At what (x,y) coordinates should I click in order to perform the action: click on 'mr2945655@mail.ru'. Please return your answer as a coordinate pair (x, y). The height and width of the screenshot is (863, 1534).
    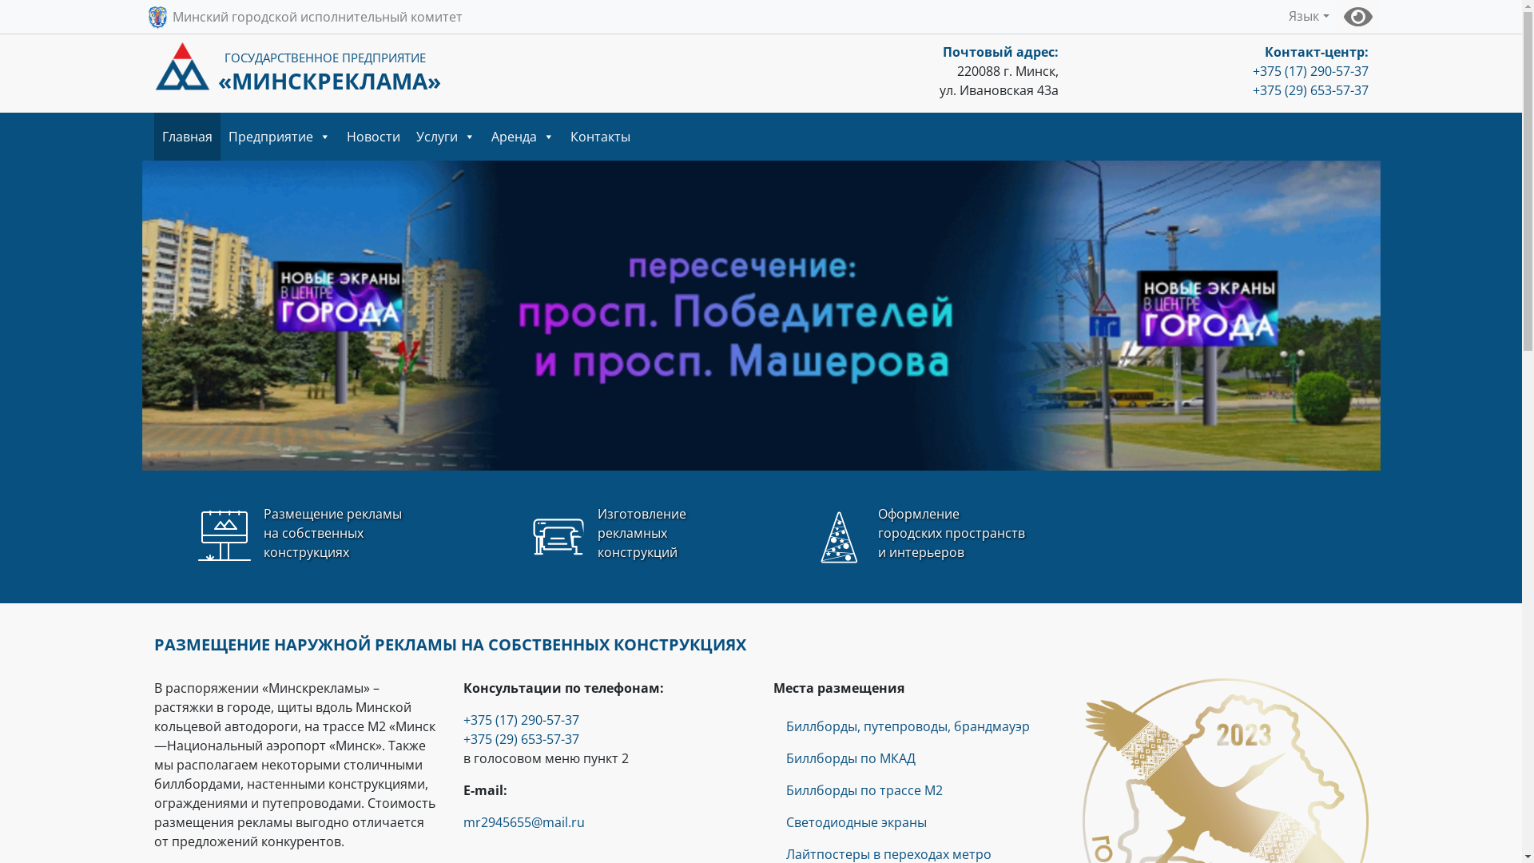
    Looking at the image, I should click on (524, 822).